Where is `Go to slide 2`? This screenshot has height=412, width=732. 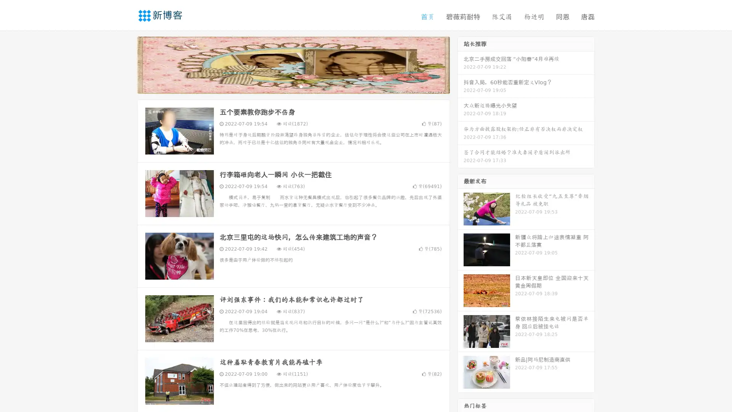
Go to slide 2 is located at coordinates (293, 86).